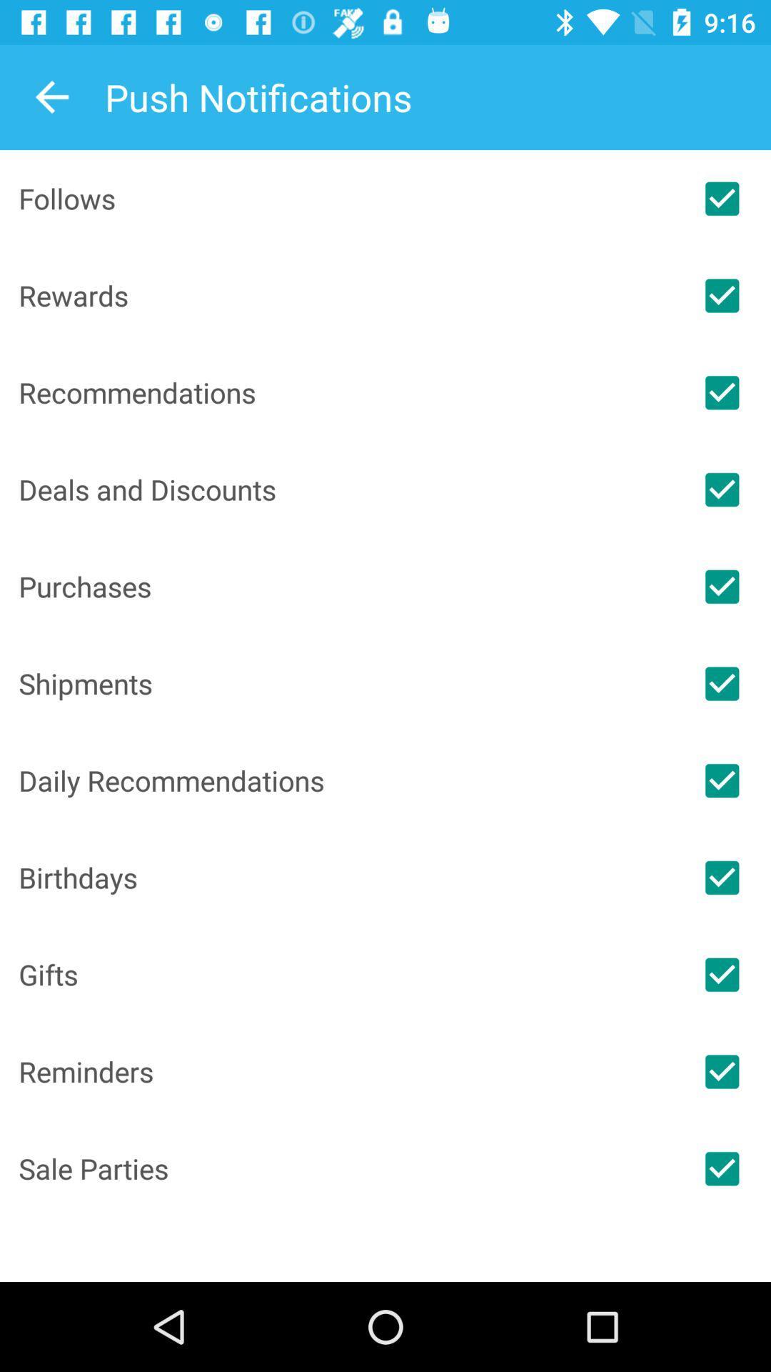 The image size is (771, 1372). What do you see at coordinates (346, 877) in the screenshot?
I see `the birthdays item` at bounding box center [346, 877].